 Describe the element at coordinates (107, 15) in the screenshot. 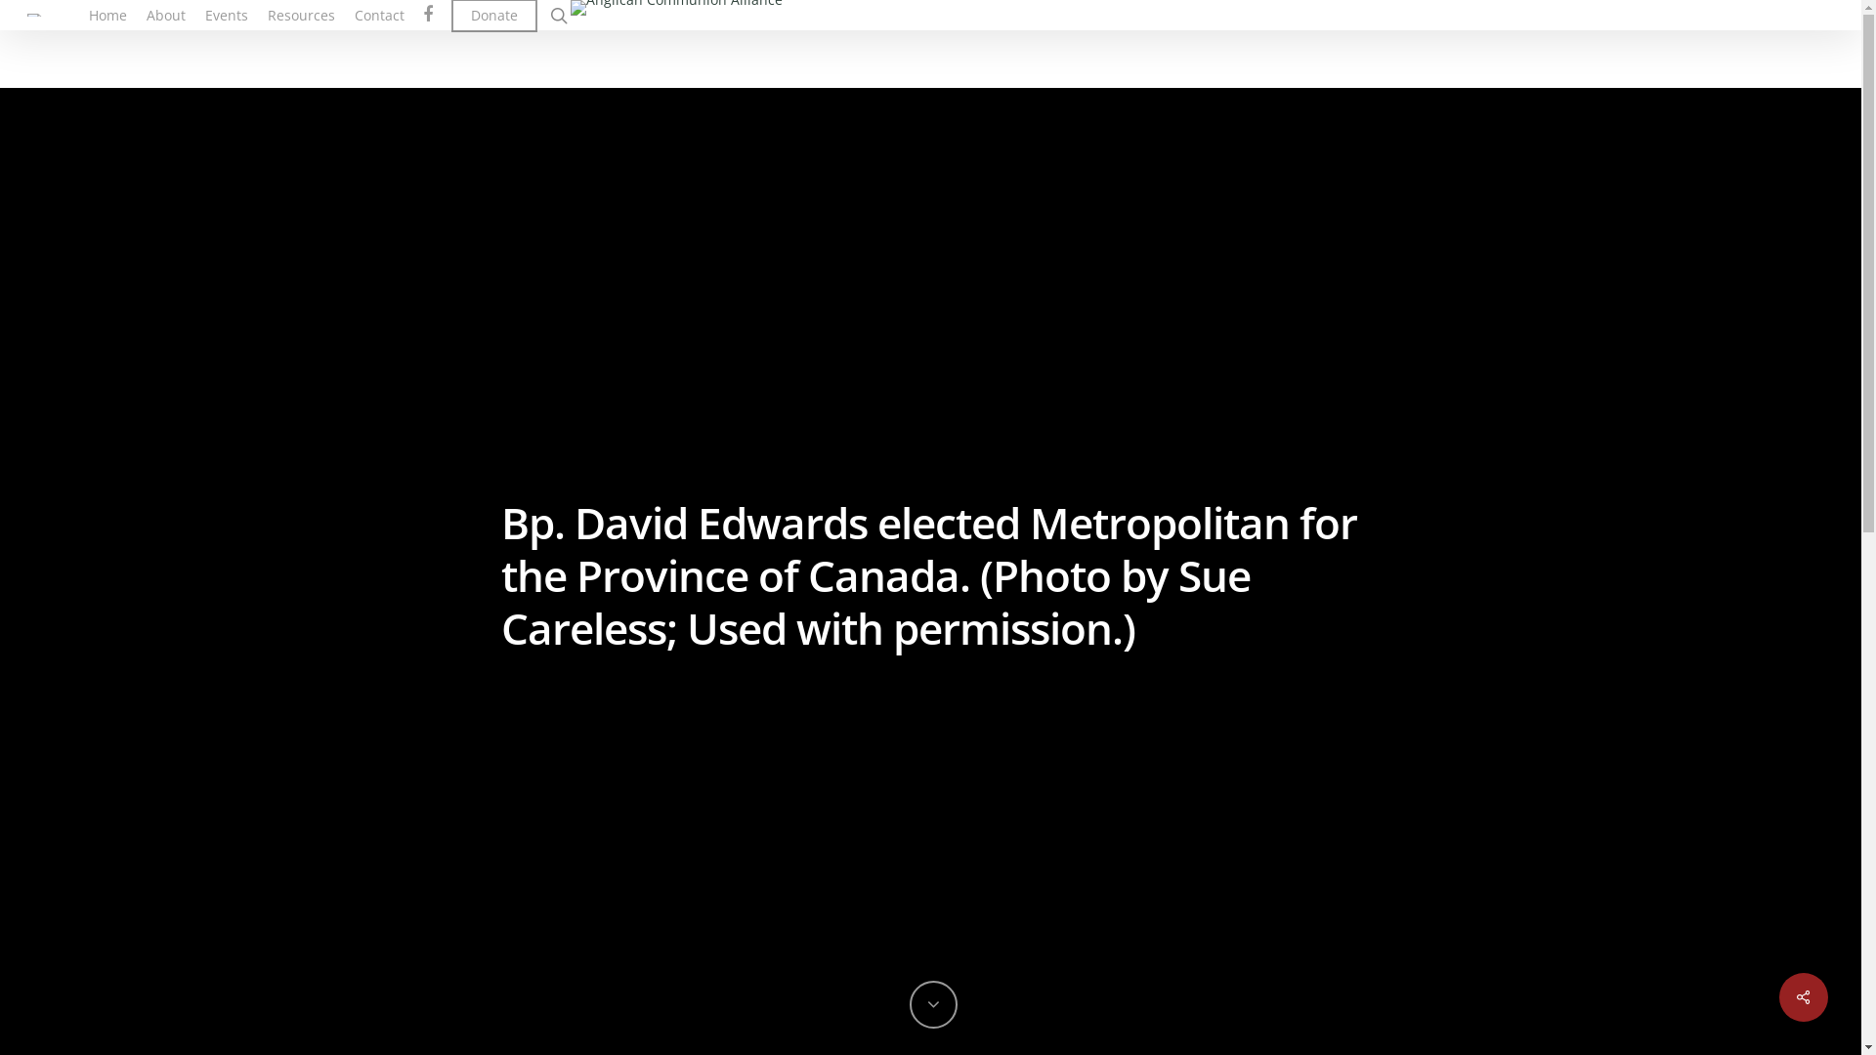

I see `'Home'` at that location.